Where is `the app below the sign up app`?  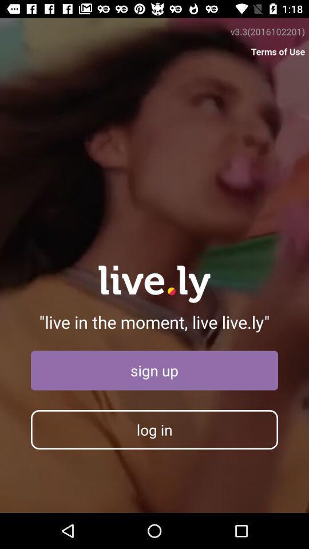 the app below the sign up app is located at coordinates (154, 429).